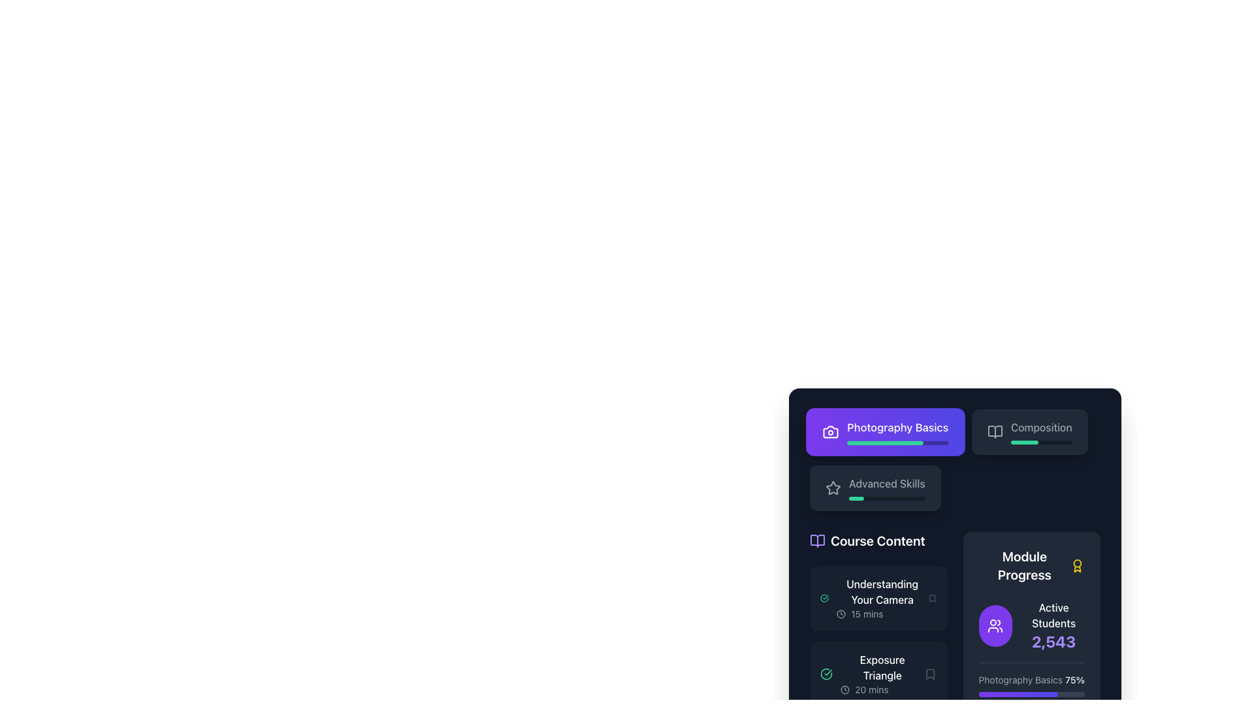 The width and height of the screenshot is (1254, 705). I want to click on the text element displaying the numerical count of active students located below the 'Active Students' label in the 'Module Progress' card, so click(1053, 641).